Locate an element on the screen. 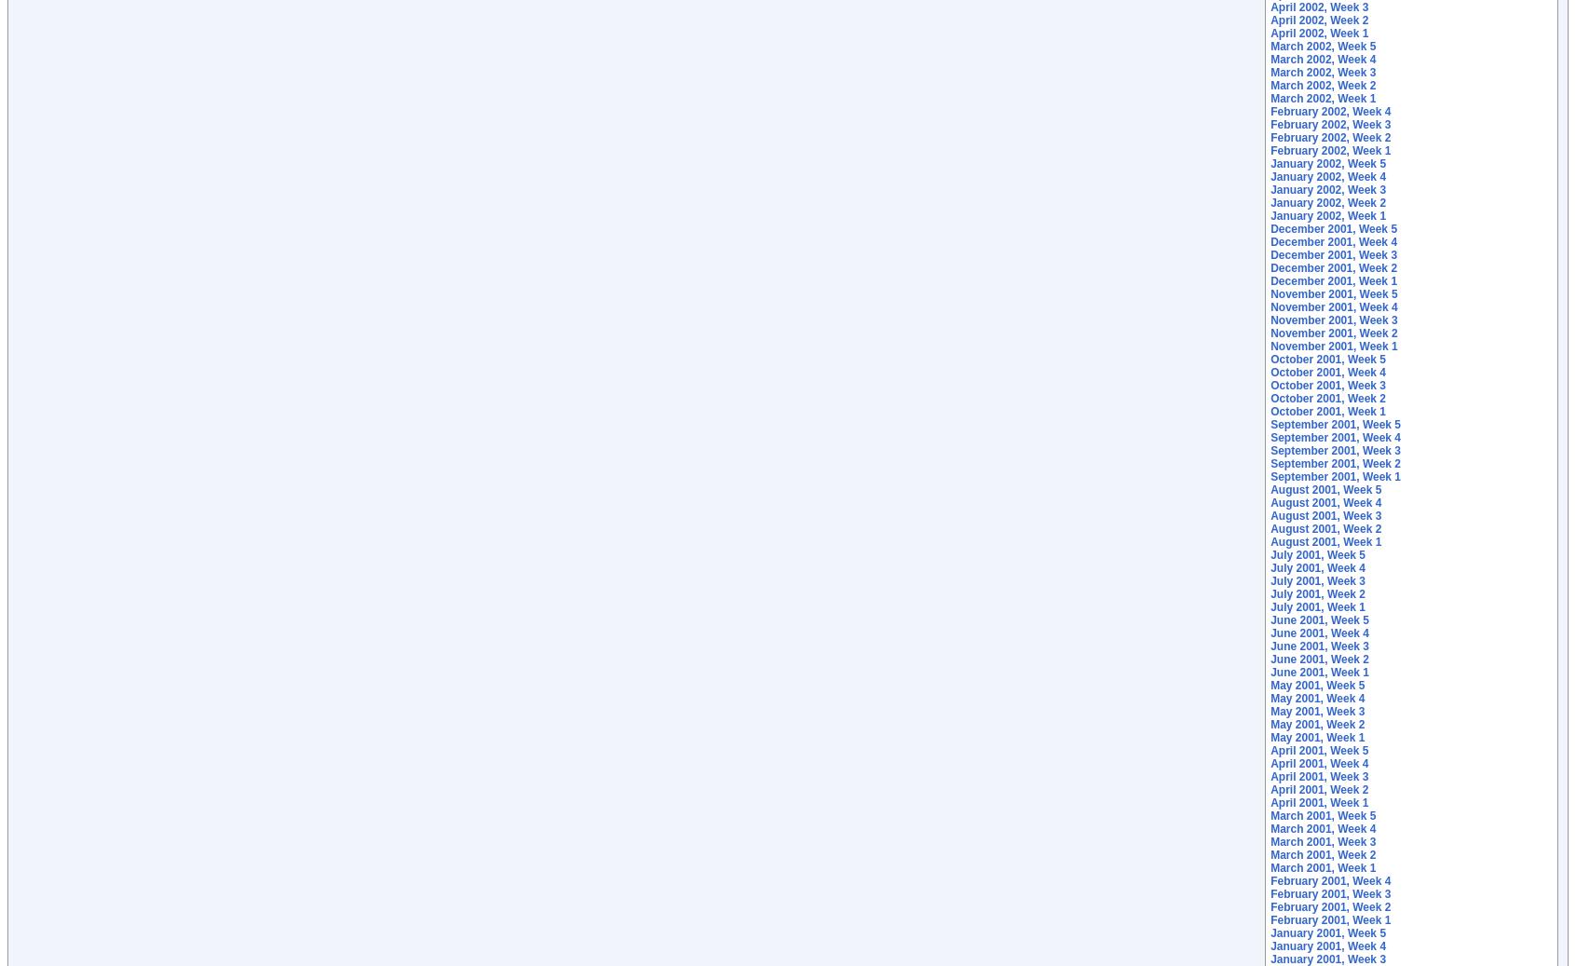 Image resolution: width=1576 pixels, height=966 pixels. 'January 2001, Week 5' is located at coordinates (1327, 932).